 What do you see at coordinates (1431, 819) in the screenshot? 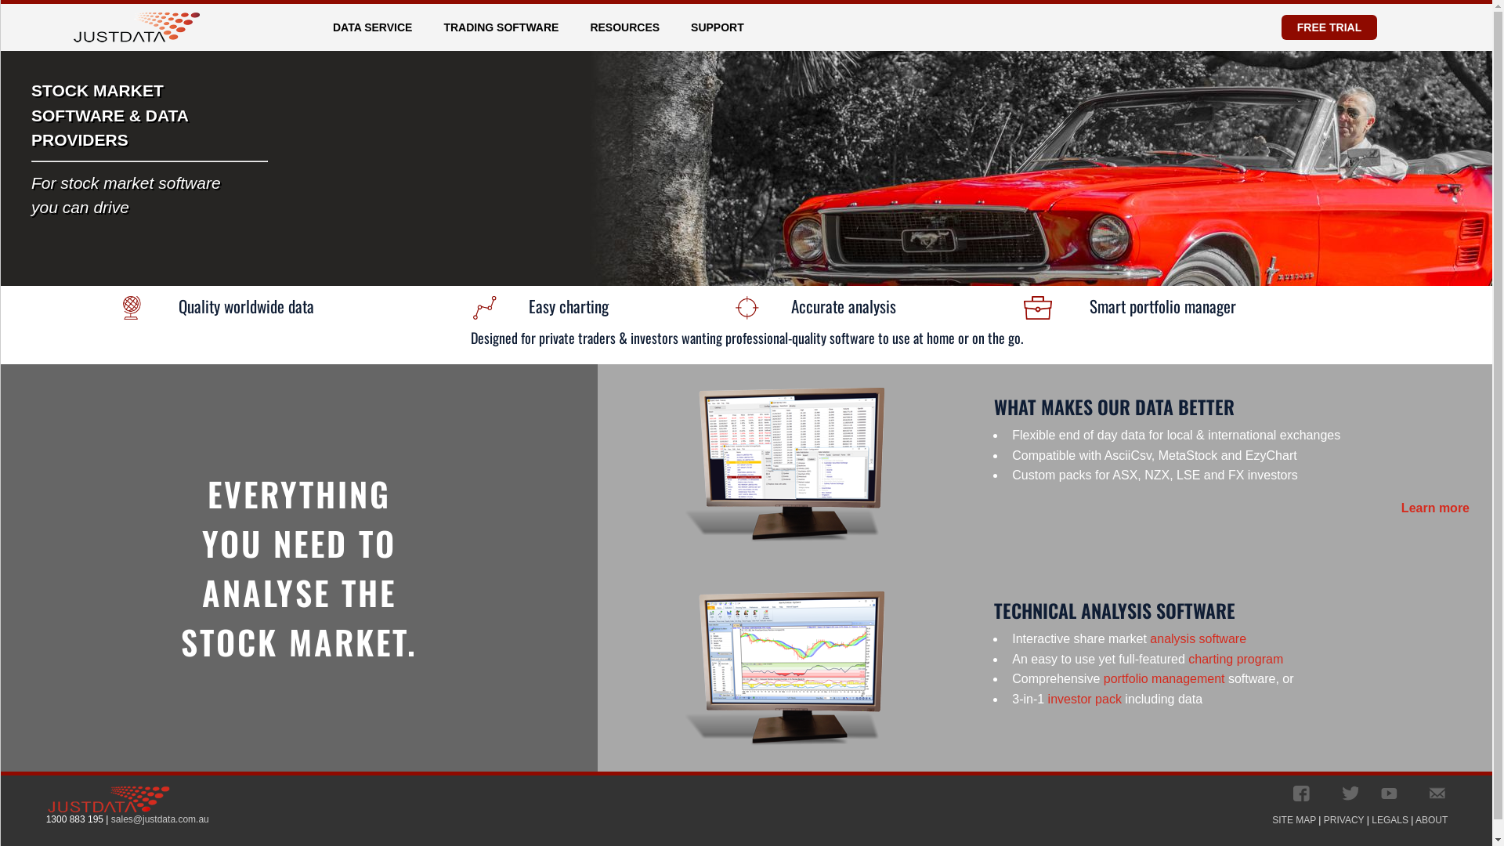
I see `'ABOUT'` at bounding box center [1431, 819].